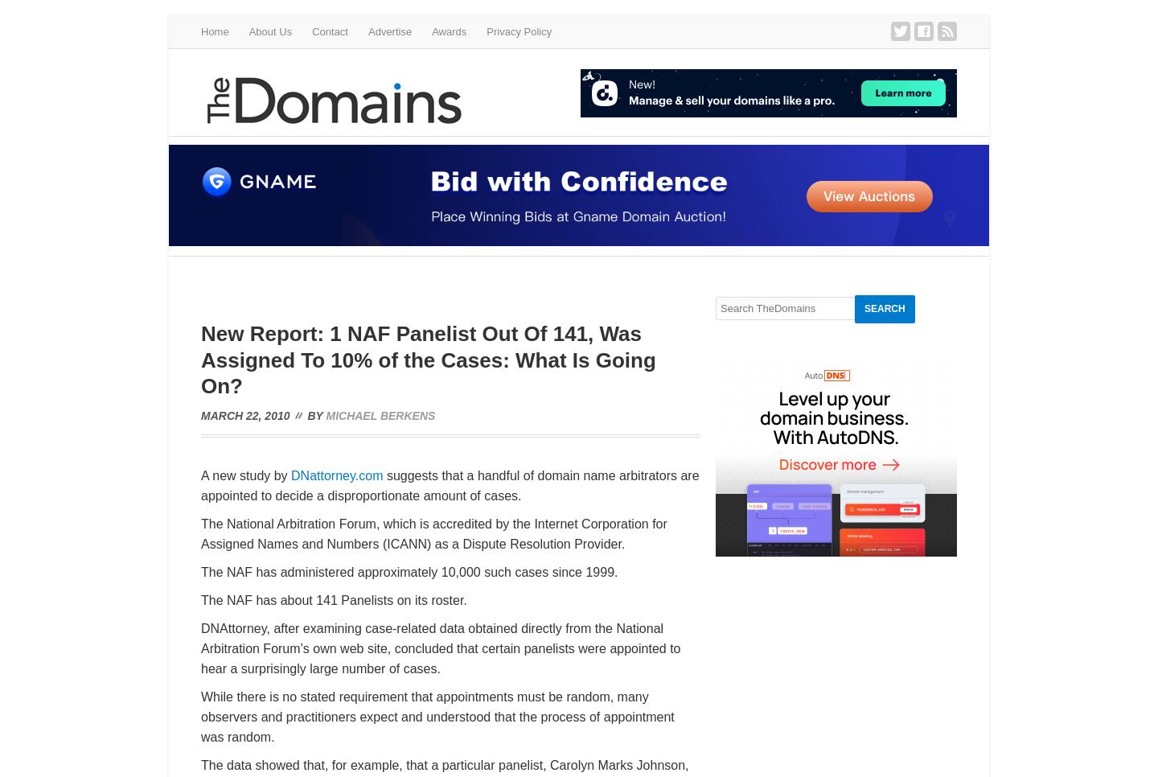 The width and height of the screenshot is (1158, 777). I want to click on 'DNattorney.com', so click(336, 475).